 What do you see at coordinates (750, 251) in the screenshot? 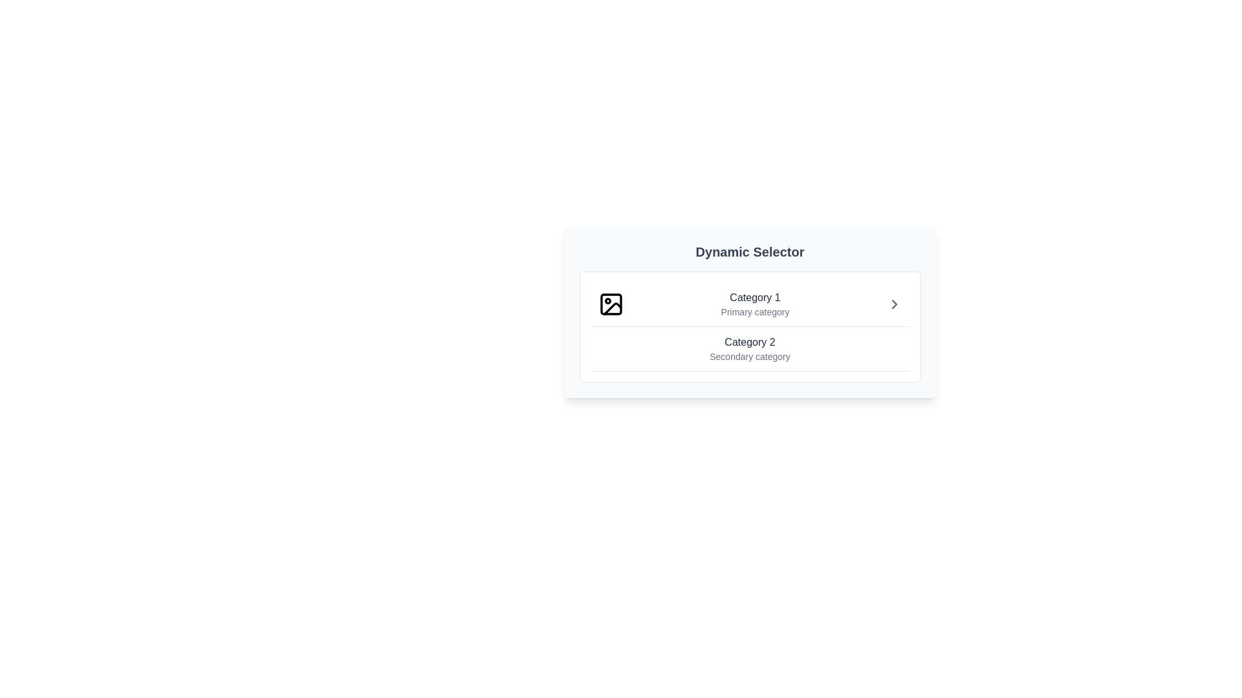
I see `text of the Text label, which serves as the title for the content section above the categories 'Category 1' and 'Category 2'` at bounding box center [750, 251].